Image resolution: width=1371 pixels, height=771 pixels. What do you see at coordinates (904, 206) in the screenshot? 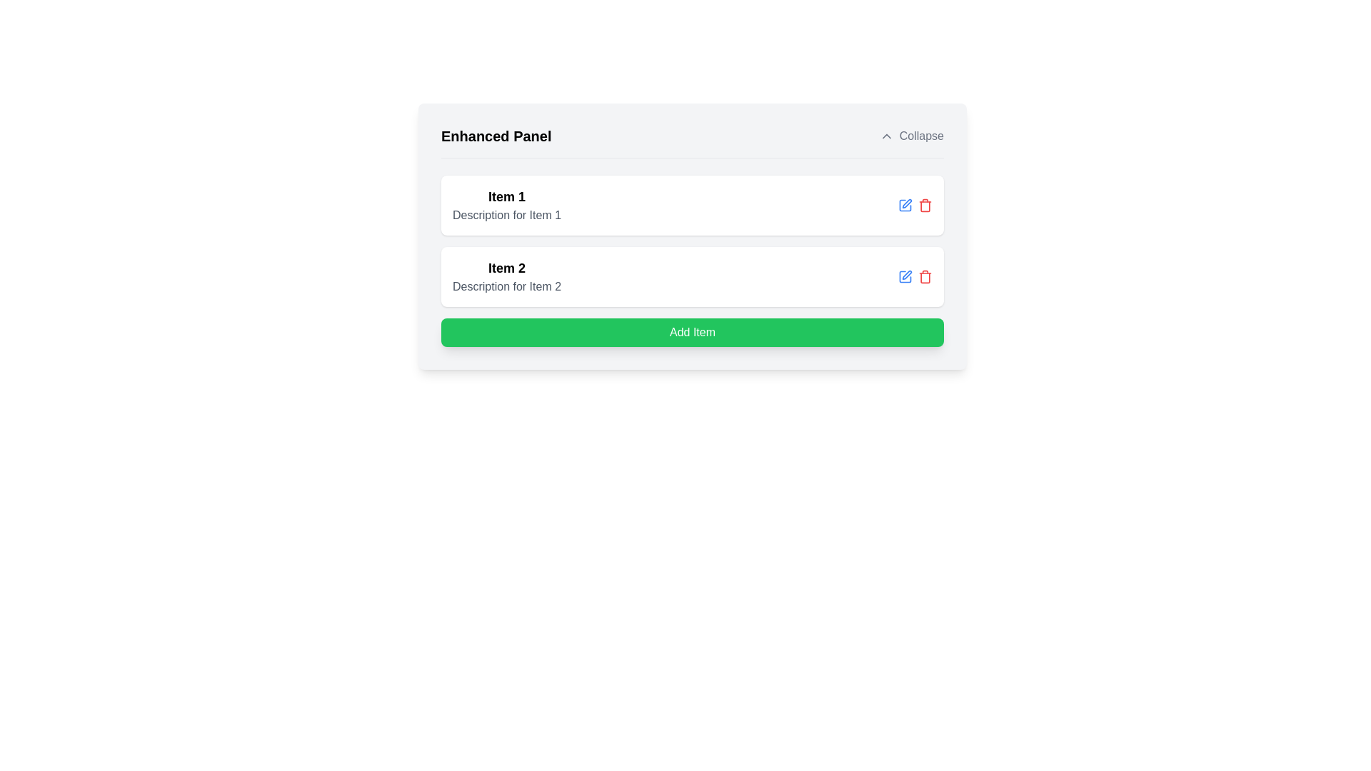
I see `the edit button located in the second row of the card list, which is positioned to the left of the red trash bin icon` at bounding box center [904, 206].